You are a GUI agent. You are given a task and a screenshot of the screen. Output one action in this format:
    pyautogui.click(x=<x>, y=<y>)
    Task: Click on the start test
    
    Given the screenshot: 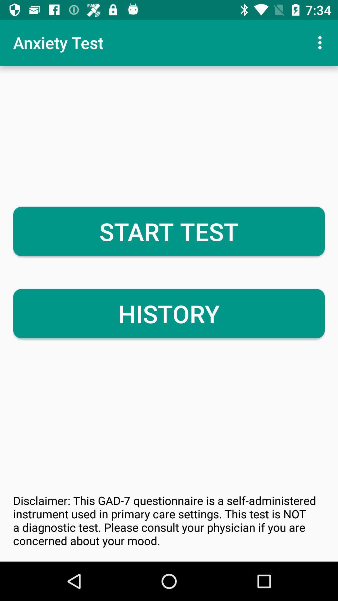 What is the action you would take?
    pyautogui.click(x=169, y=231)
    